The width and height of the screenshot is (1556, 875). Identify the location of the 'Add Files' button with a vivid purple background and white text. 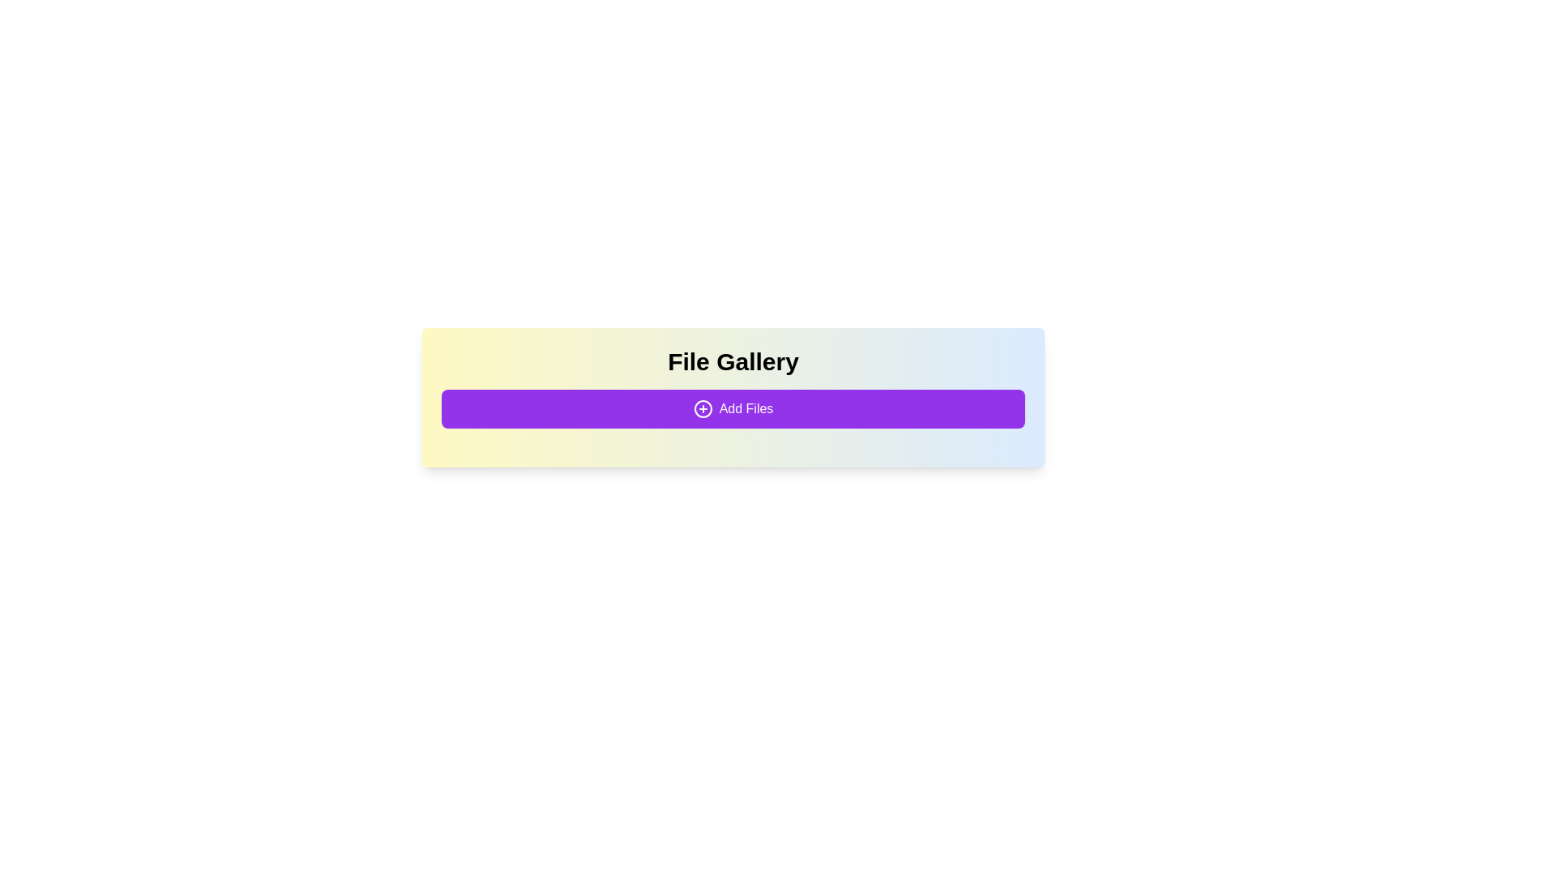
(733, 408).